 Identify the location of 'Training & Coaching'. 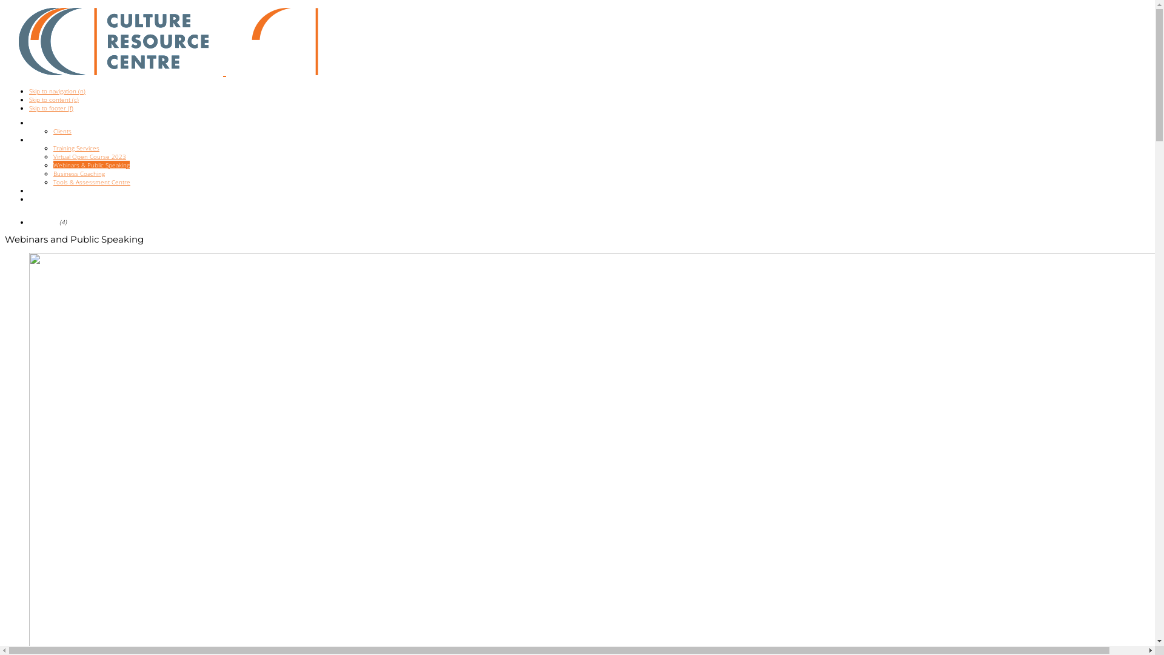
(55, 139).